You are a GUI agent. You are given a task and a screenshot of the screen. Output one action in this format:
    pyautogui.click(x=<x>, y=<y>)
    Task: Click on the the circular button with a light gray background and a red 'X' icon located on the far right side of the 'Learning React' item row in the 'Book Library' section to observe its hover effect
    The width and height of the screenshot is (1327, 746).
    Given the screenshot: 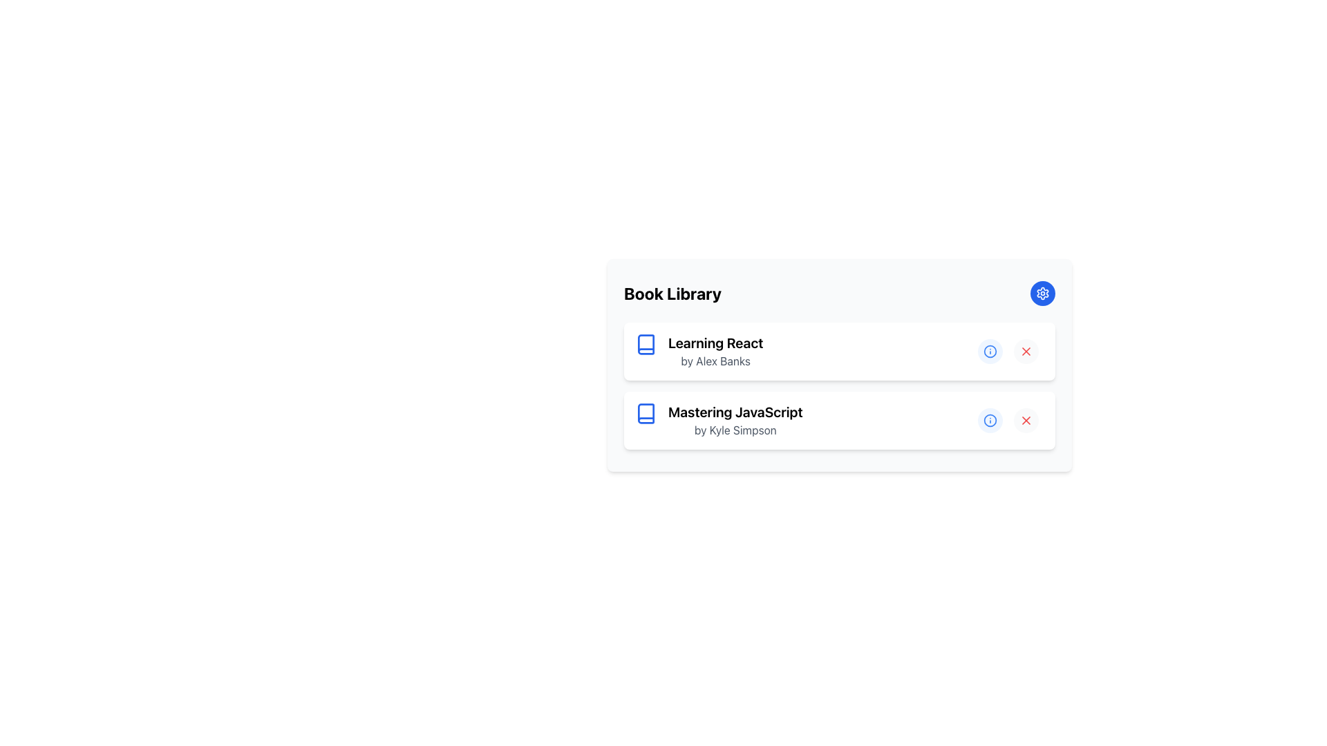 What is the action you would take?
    pyautogui.click(x=1026, y=351)
    